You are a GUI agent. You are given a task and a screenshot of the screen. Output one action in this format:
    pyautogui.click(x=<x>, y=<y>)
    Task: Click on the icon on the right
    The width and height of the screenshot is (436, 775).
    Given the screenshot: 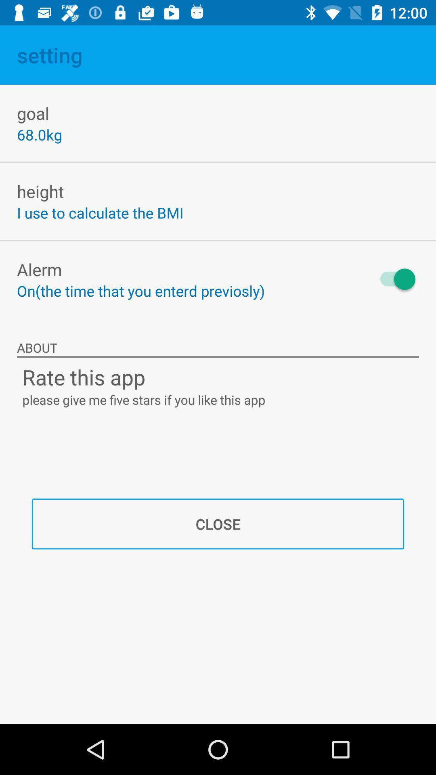 What is the action you would take?
    pyautogui.click(x=393, y=279)
    